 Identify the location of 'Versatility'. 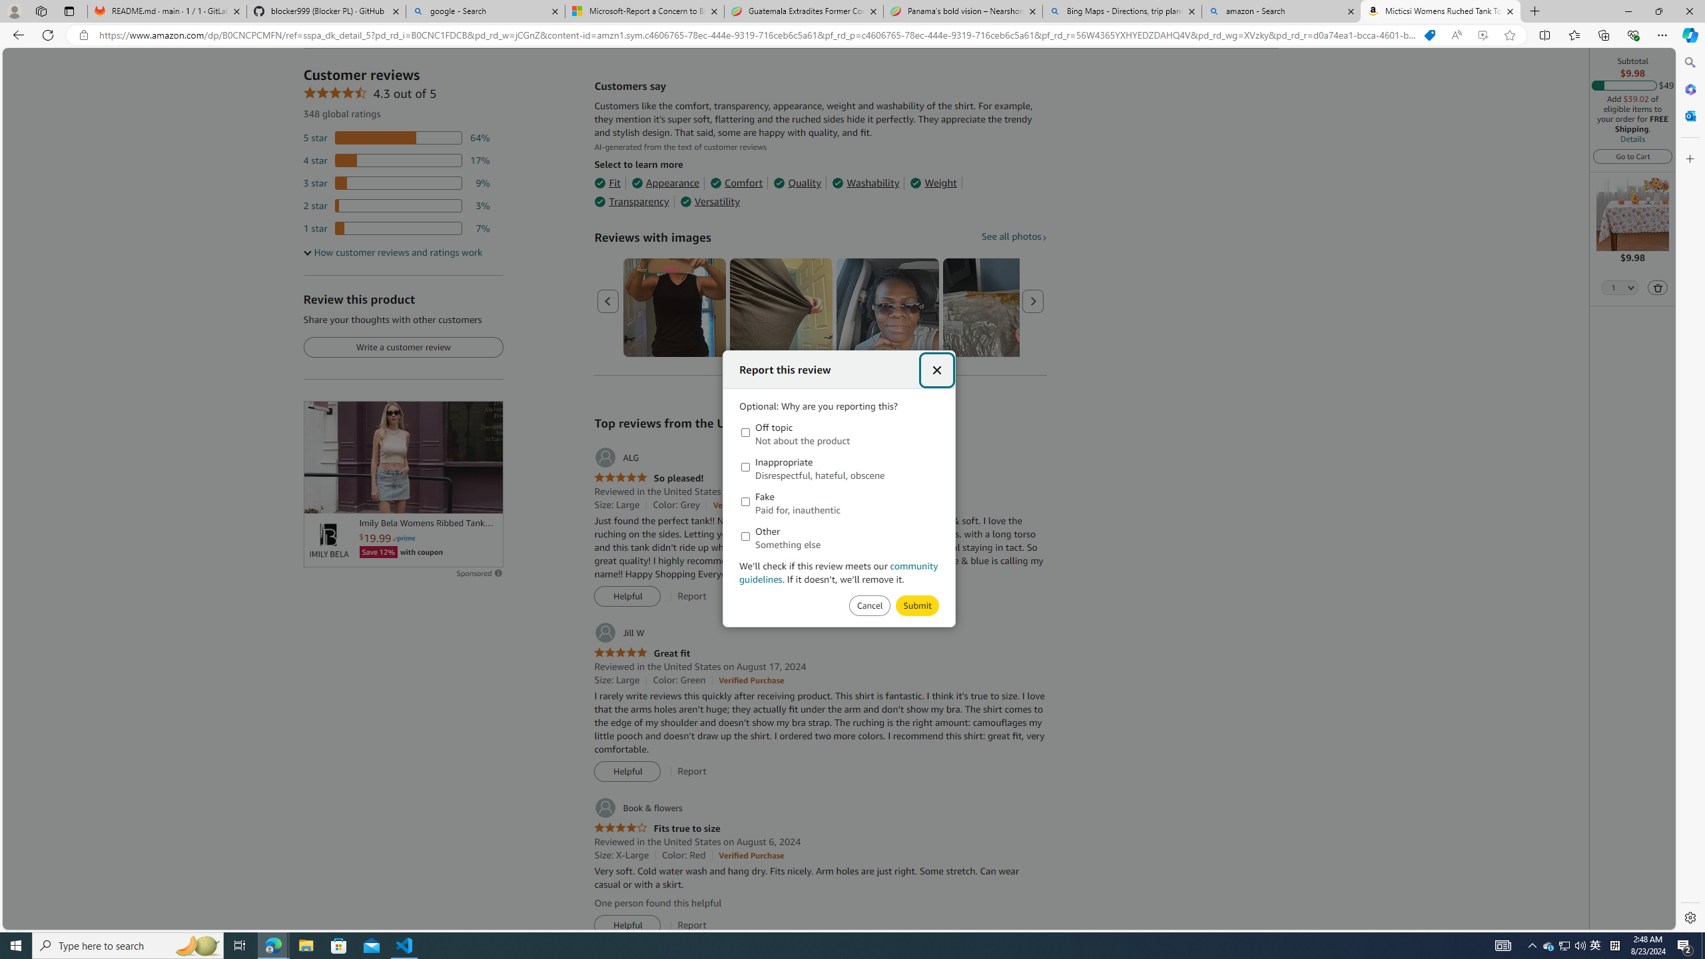
(708, 201).